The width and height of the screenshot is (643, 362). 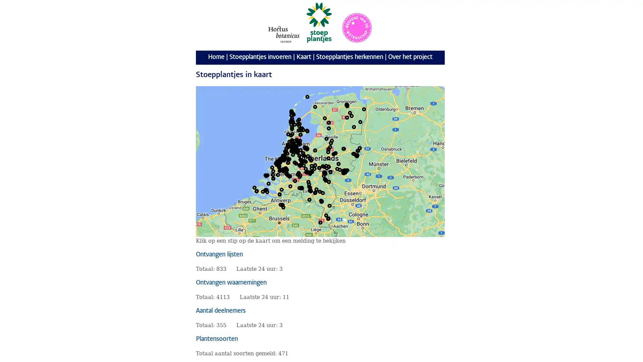 What do you see at coordinates (321, 201) in the screenshot?
I see `Telling van Ton Frenken op 17 april 2022` at bounding box center [321, 201].